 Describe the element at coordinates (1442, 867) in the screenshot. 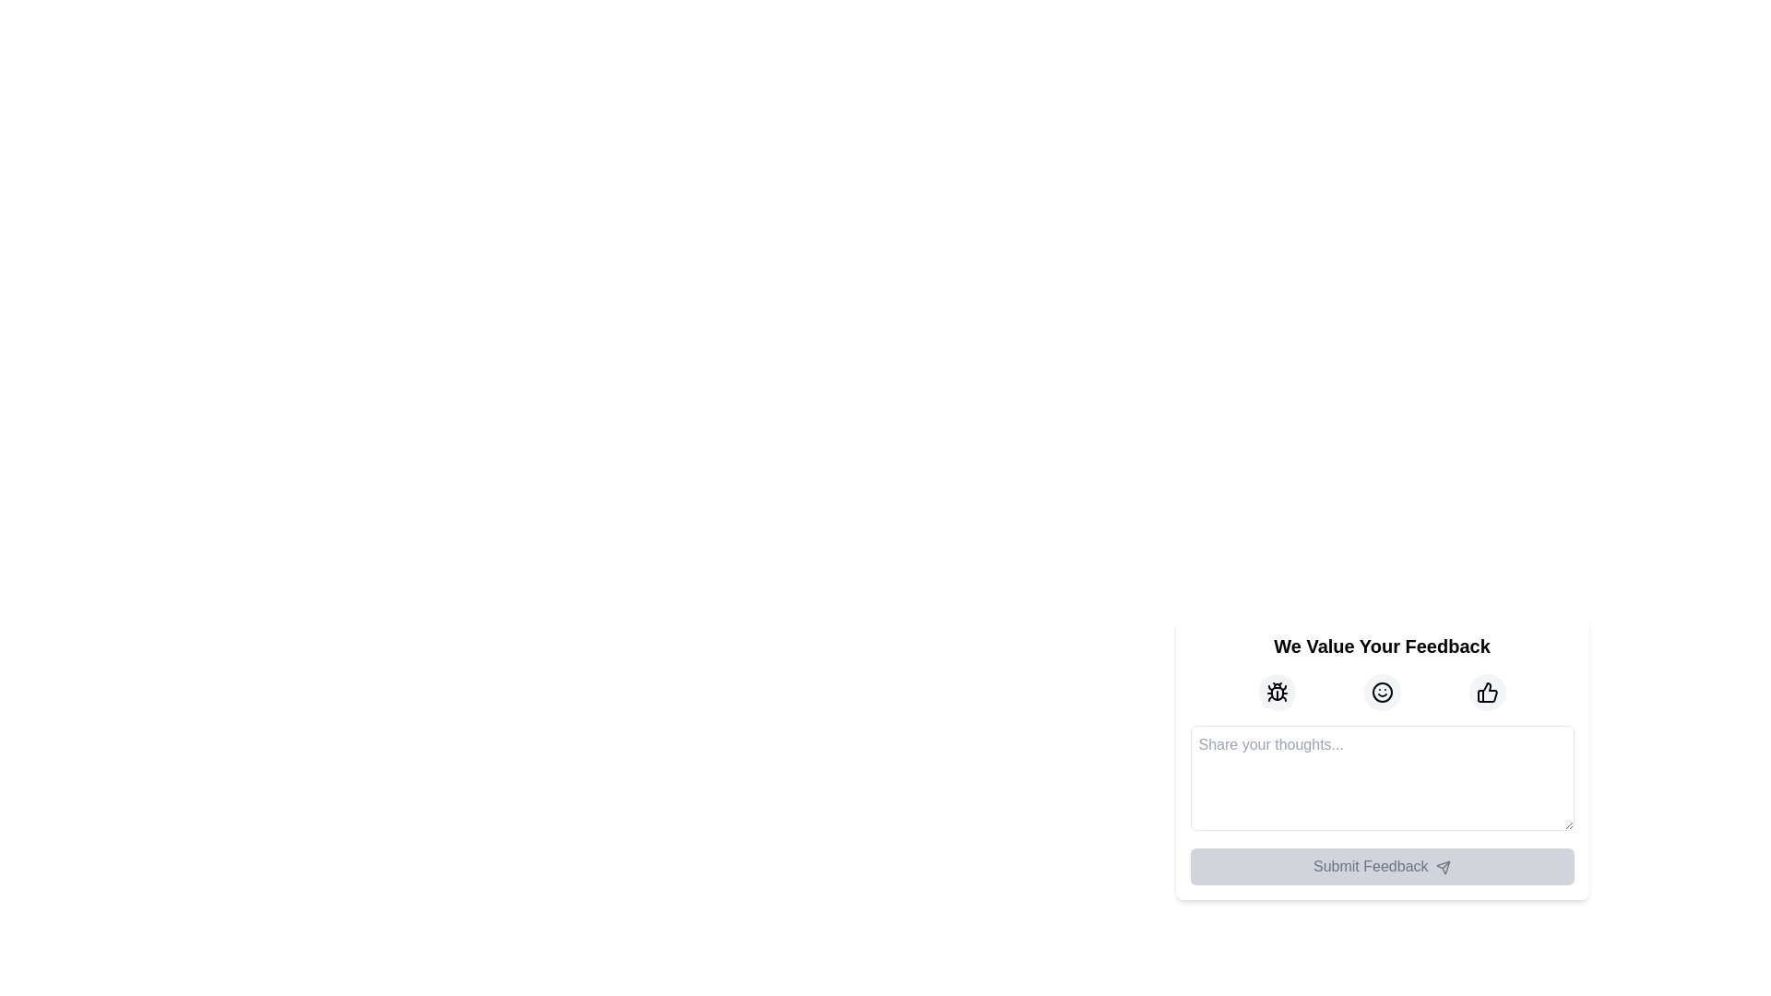

I see `the icon representing the 'Submit Feedback' button, which is located to the right of the button's label text in the lower section of a modal interface` at that location.